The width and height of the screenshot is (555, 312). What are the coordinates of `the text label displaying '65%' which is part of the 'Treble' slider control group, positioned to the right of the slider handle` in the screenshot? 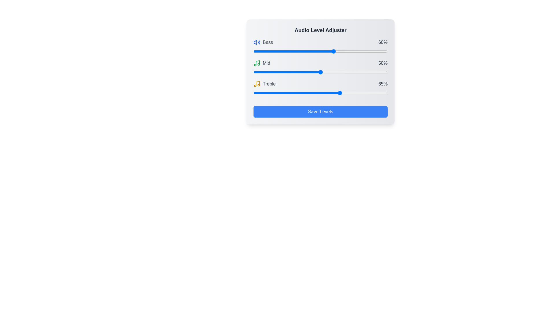 It's located at (383, 84).